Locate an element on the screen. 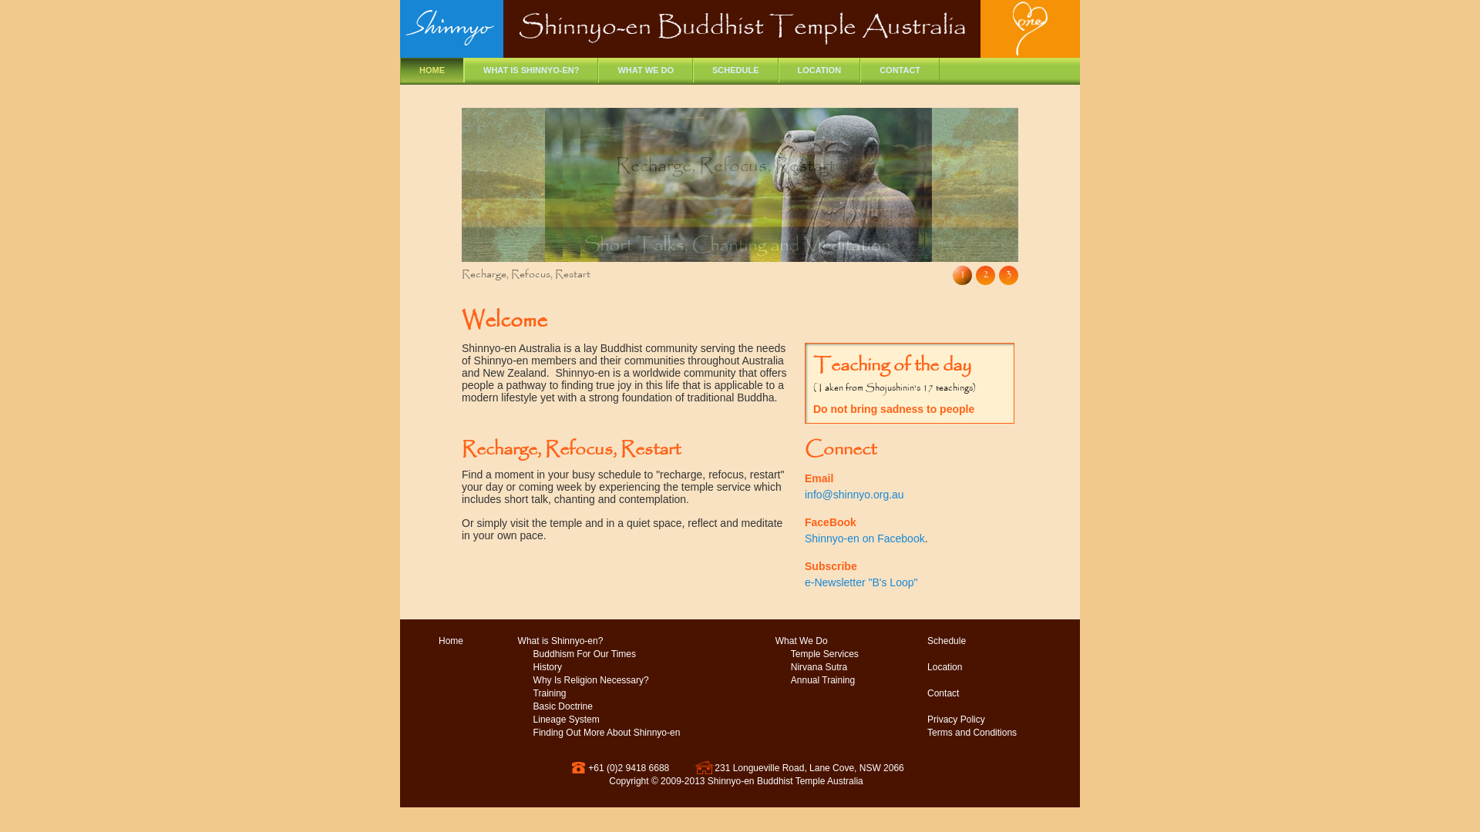 This screenshot has width=1480, height=832. 'HOME' is located at coordinates (432, 70).